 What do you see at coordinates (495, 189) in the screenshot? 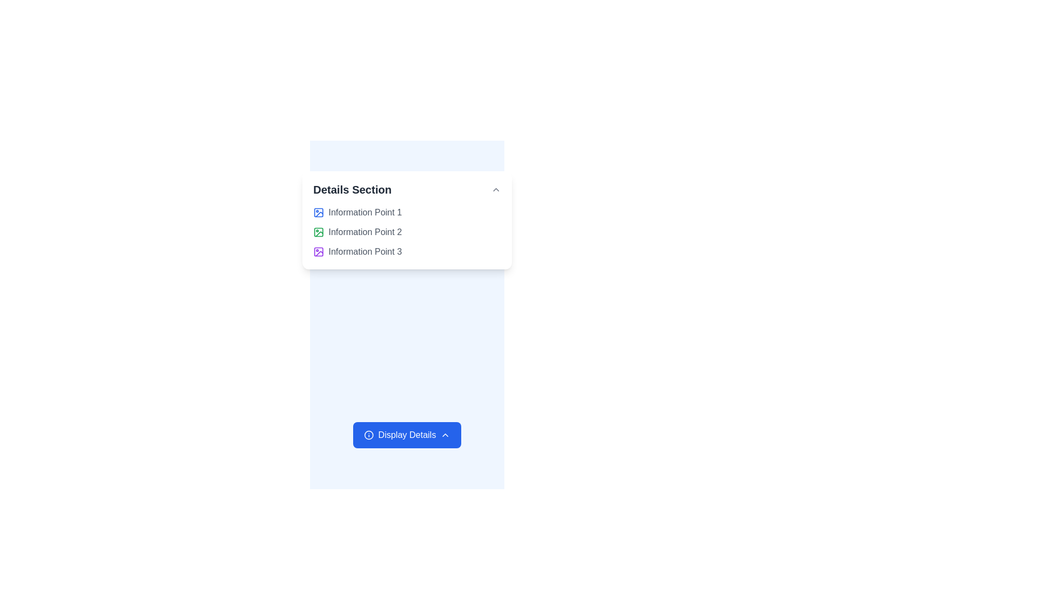
I see `the chevron icon button at the top-right corner of the 'Details Section'` at bounding box center [495, 189].